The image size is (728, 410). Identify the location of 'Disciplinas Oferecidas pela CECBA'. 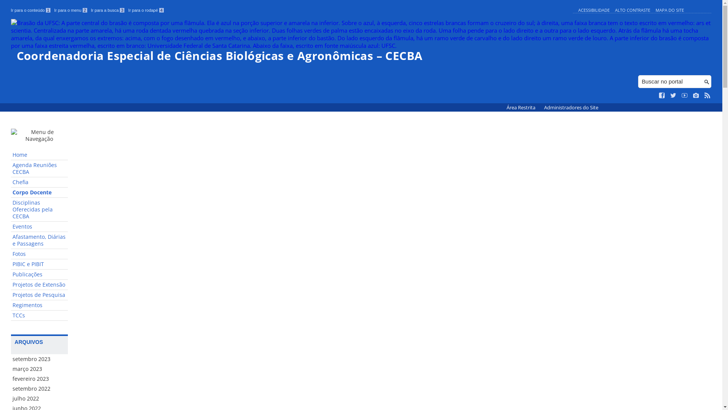
(39, 210).